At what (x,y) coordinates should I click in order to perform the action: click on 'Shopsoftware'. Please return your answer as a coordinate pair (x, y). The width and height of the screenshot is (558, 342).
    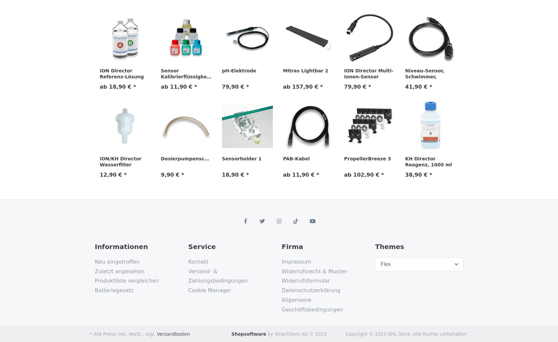
    Looking at the image, I should click on (248, 333).